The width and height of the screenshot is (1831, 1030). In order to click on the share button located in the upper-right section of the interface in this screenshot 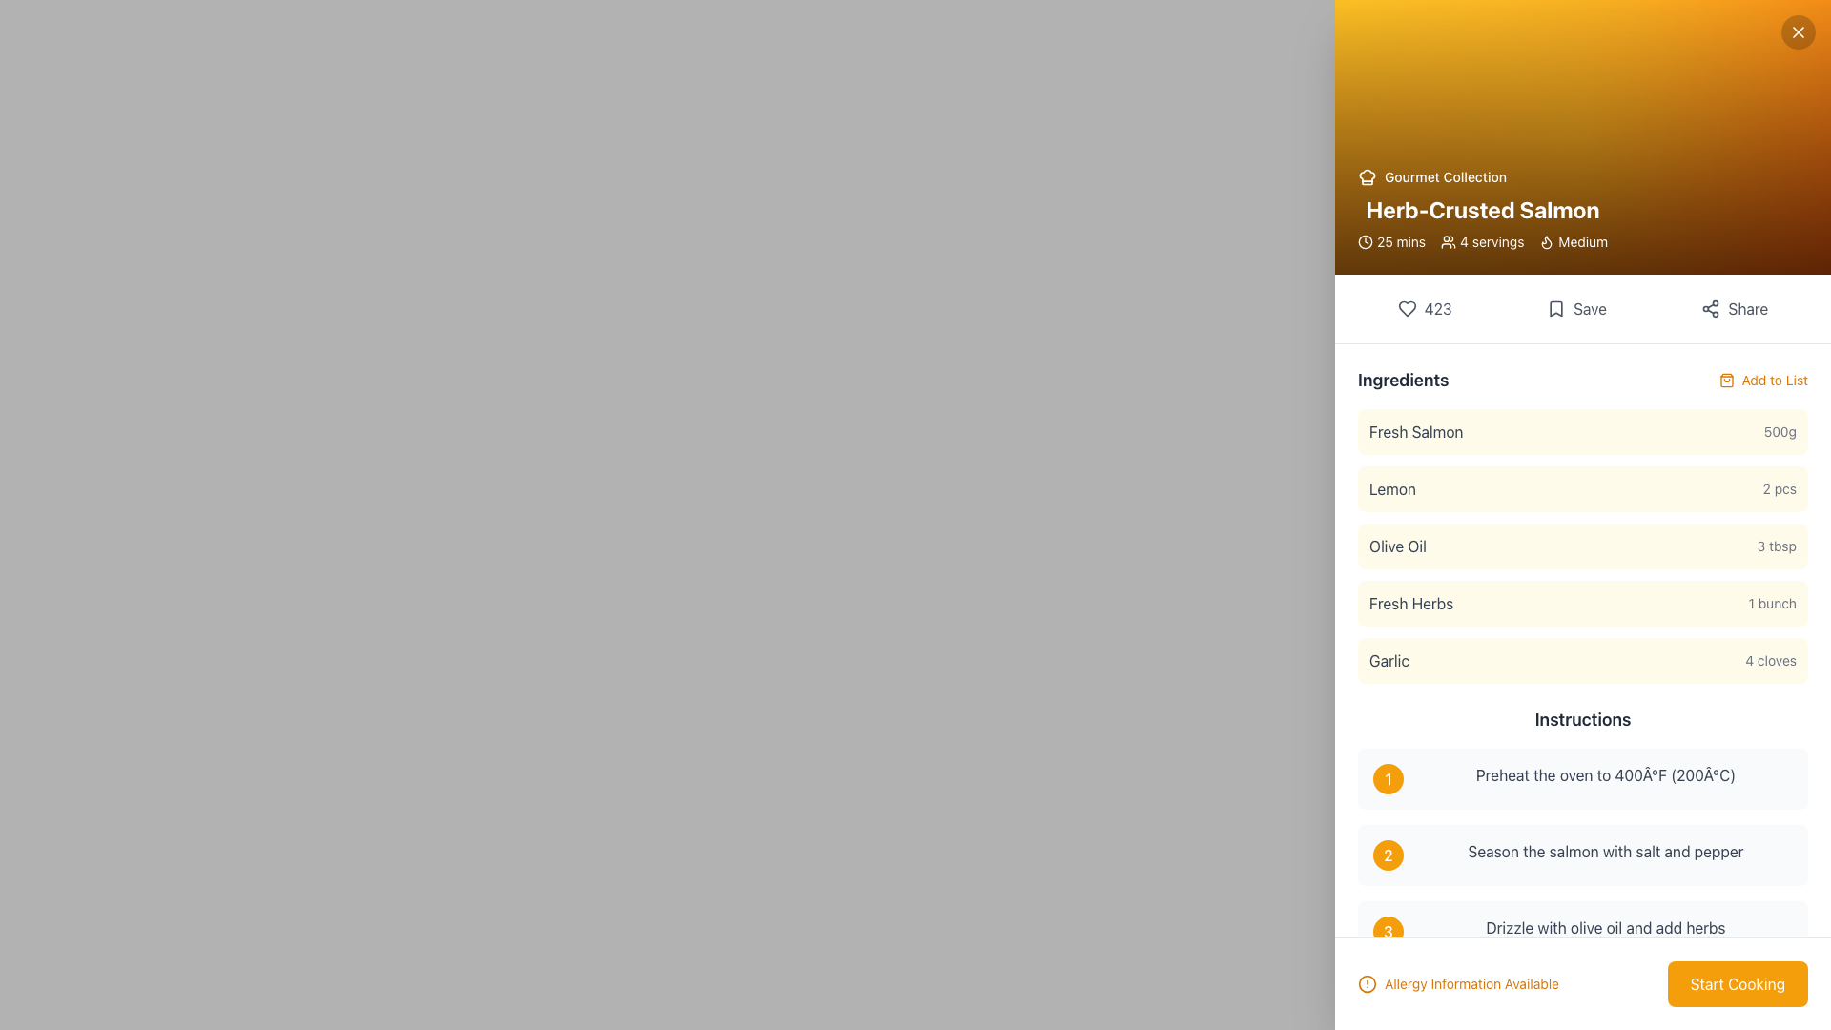, I will do `click(1748, 308)`.